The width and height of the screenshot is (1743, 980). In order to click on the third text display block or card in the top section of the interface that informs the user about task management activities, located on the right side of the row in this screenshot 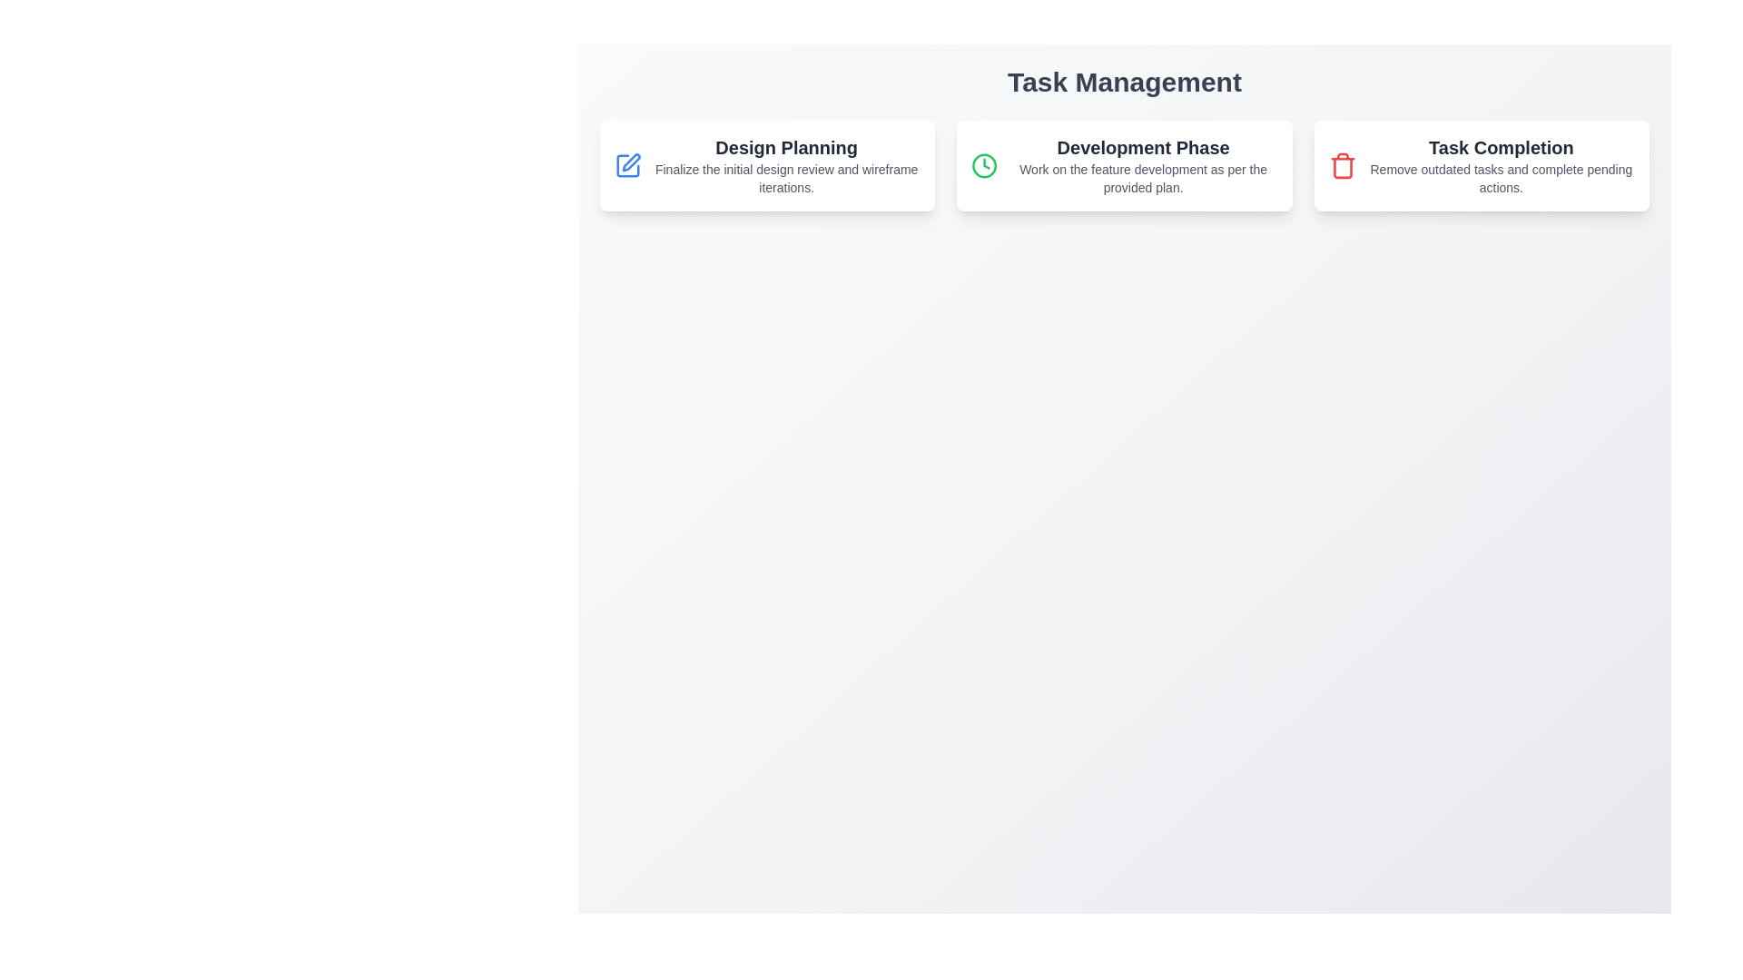, I will do `click(1501, 165)`.